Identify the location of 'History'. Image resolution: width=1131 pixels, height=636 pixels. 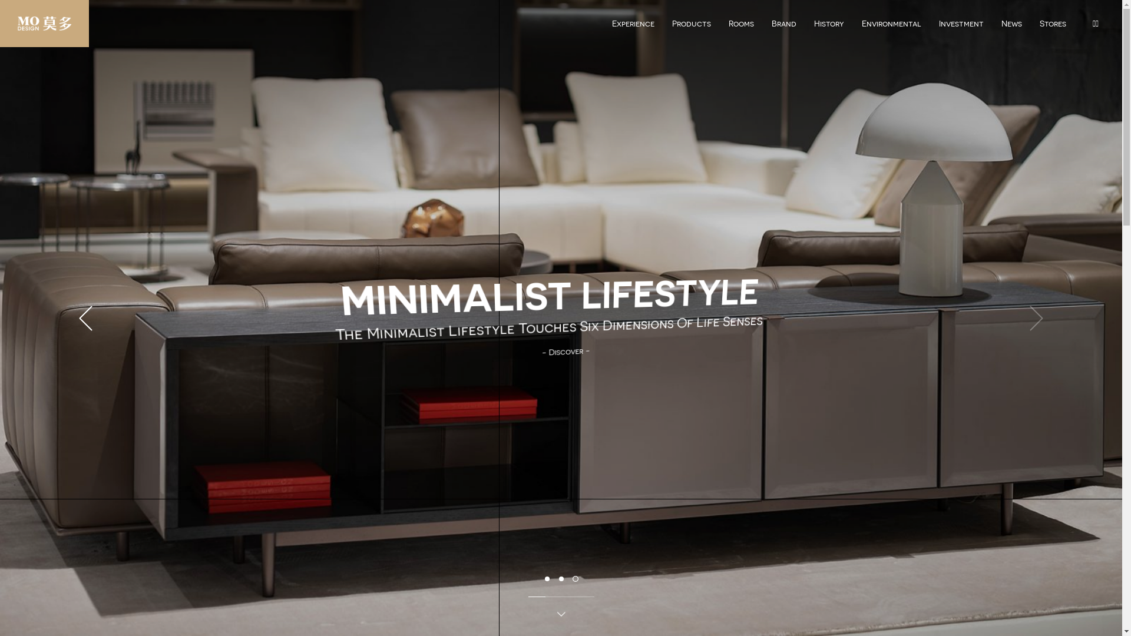
(805, 19).